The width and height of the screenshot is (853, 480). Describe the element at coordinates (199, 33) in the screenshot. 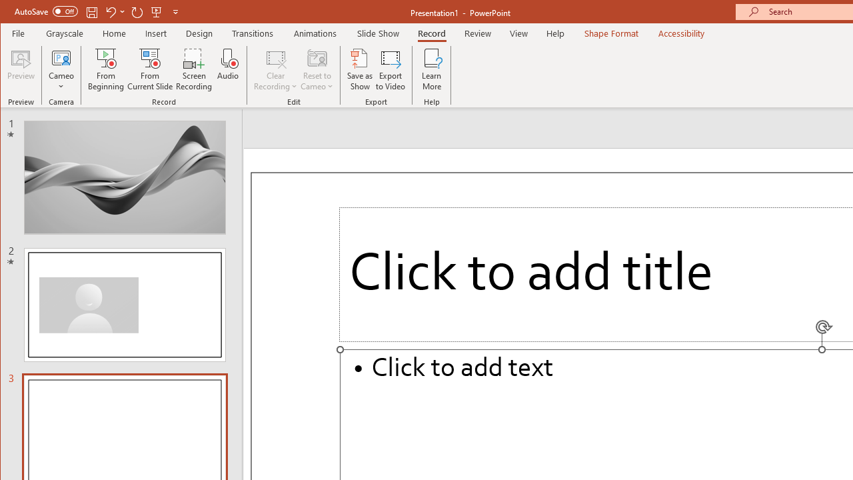

I see `'Design'` at that location.